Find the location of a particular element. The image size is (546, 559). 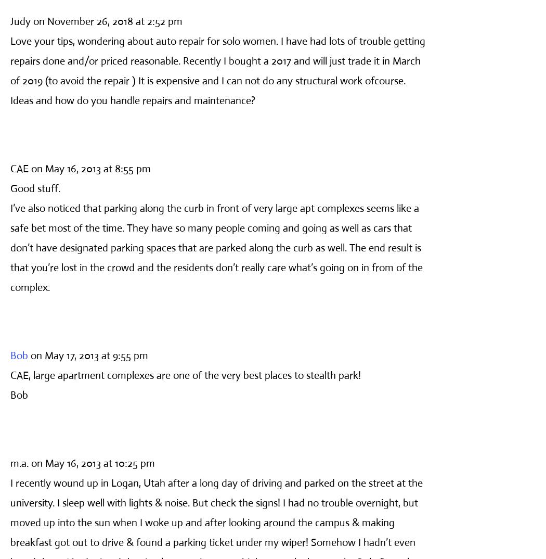

'on May 16, 2013 at 8:55 pm' is located at coordinates (91, 168).